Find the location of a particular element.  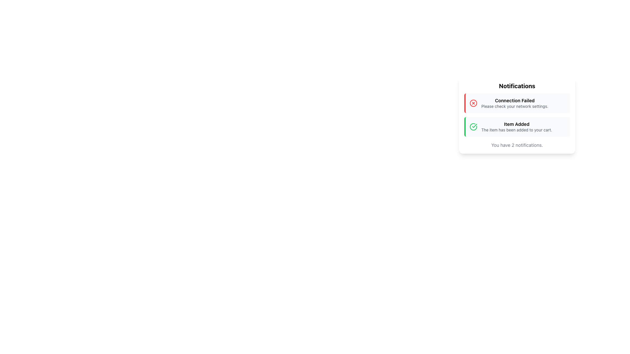

the green checkmark icon in the Notifications section to associate it with the related notification 'Item Added' is located at coordinates (473, 127).